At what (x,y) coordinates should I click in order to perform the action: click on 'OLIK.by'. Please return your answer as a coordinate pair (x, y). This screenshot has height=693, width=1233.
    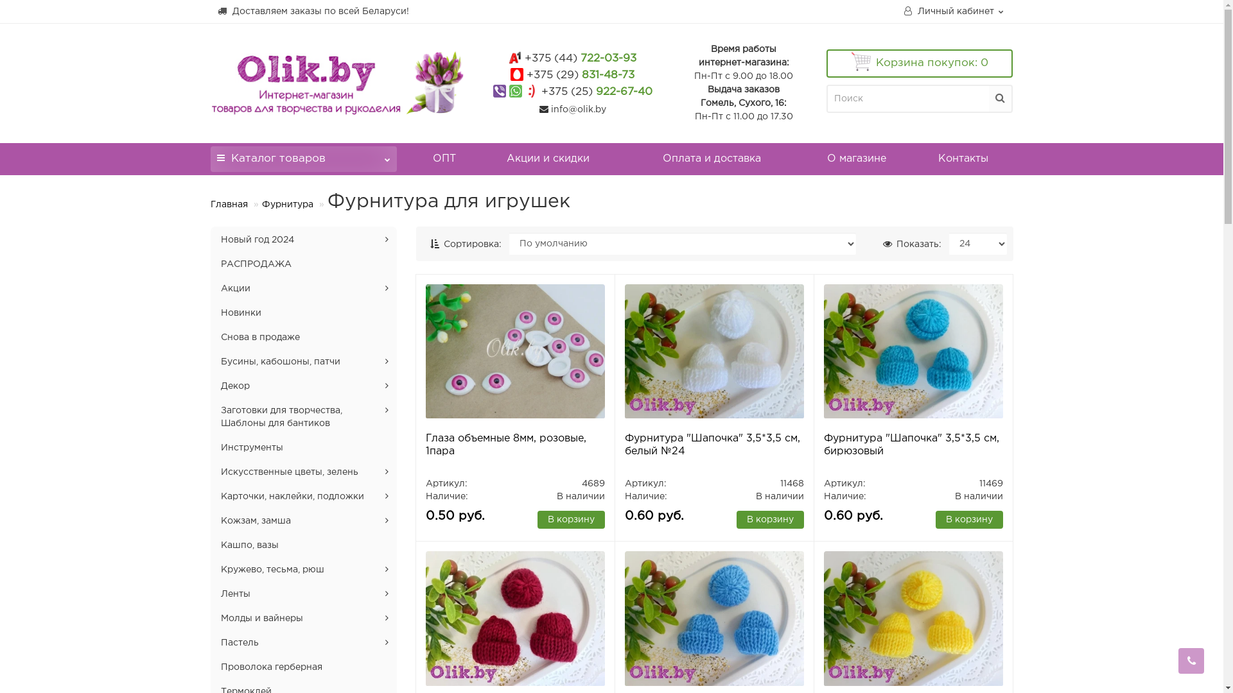
    Looking at the image, I should click on (210, 82).